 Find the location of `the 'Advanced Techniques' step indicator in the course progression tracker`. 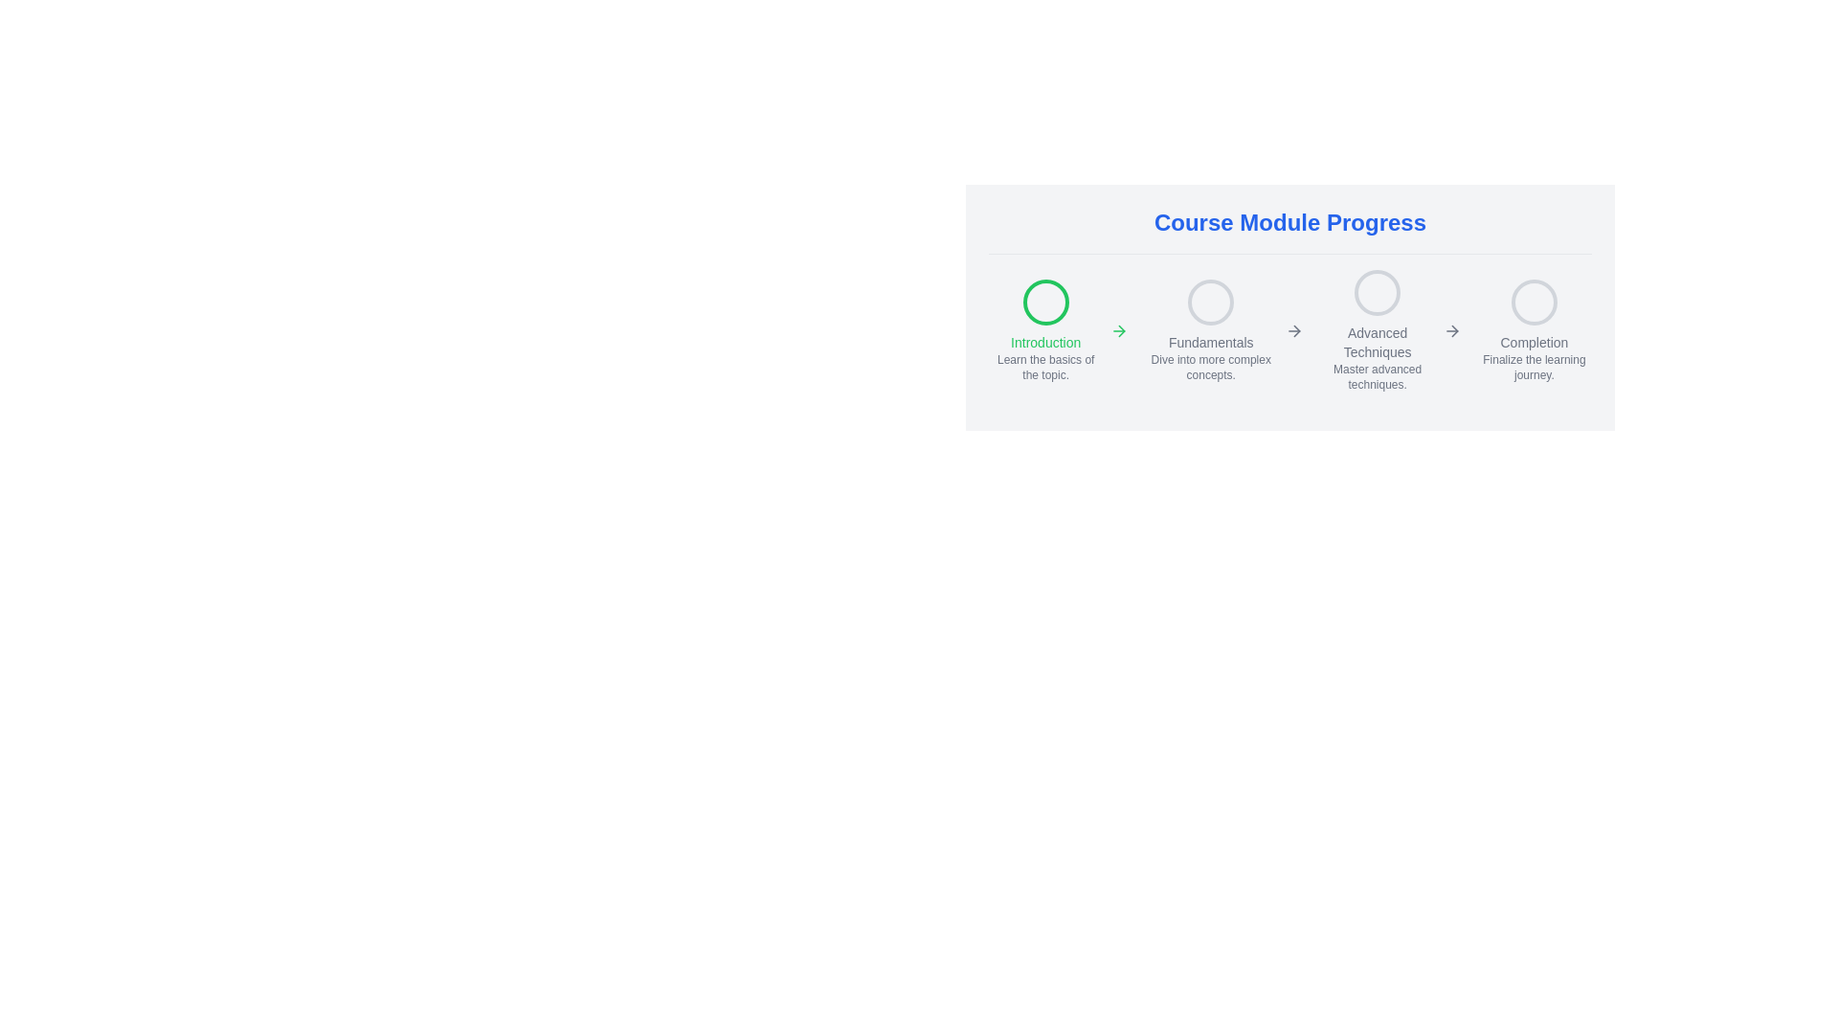

the 'Advanced Techniques' step indicator in the course progression tracker is located at coordinates (1390, 330).